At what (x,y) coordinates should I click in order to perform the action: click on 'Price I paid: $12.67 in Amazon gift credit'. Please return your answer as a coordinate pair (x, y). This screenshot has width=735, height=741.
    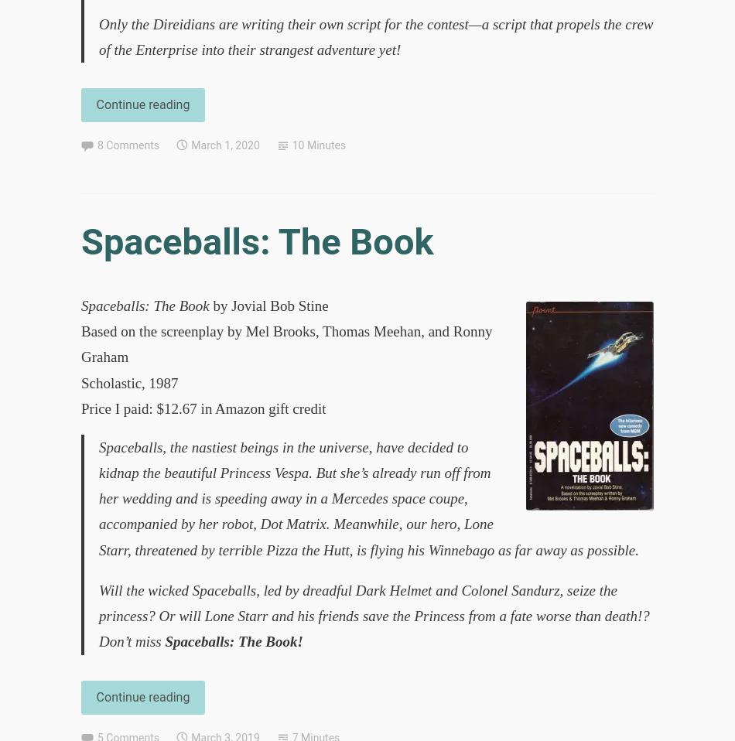
    Looking at the image, I should click on (202, 407).